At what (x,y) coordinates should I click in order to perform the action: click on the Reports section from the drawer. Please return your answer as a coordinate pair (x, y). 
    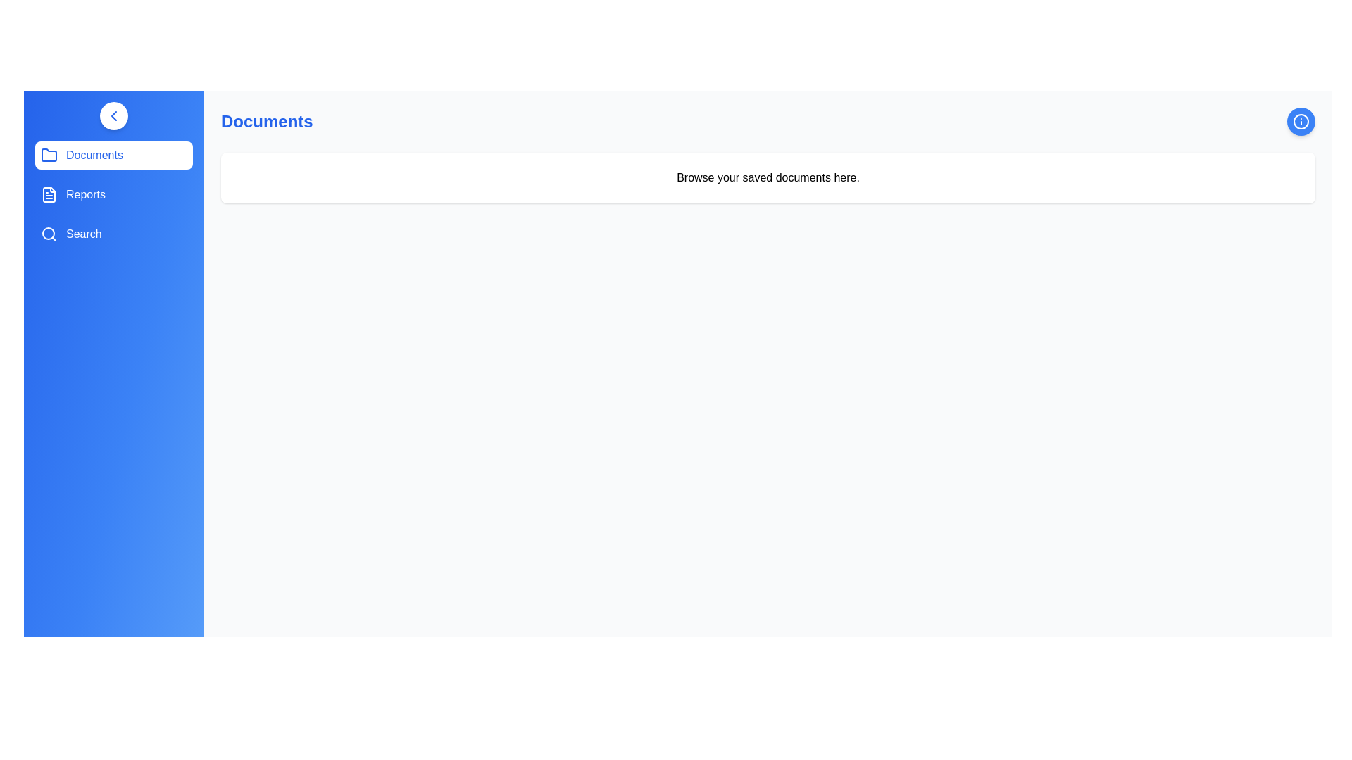
    Looking at the image, I should click on (114, 195).